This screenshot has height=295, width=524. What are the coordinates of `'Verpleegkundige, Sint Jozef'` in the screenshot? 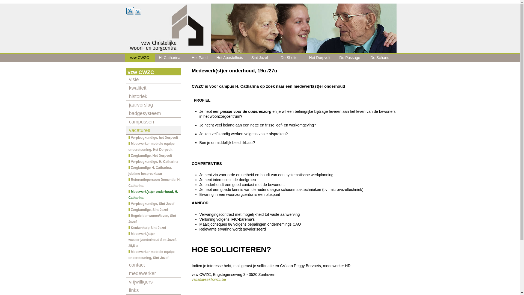 It's located at (153, 203).